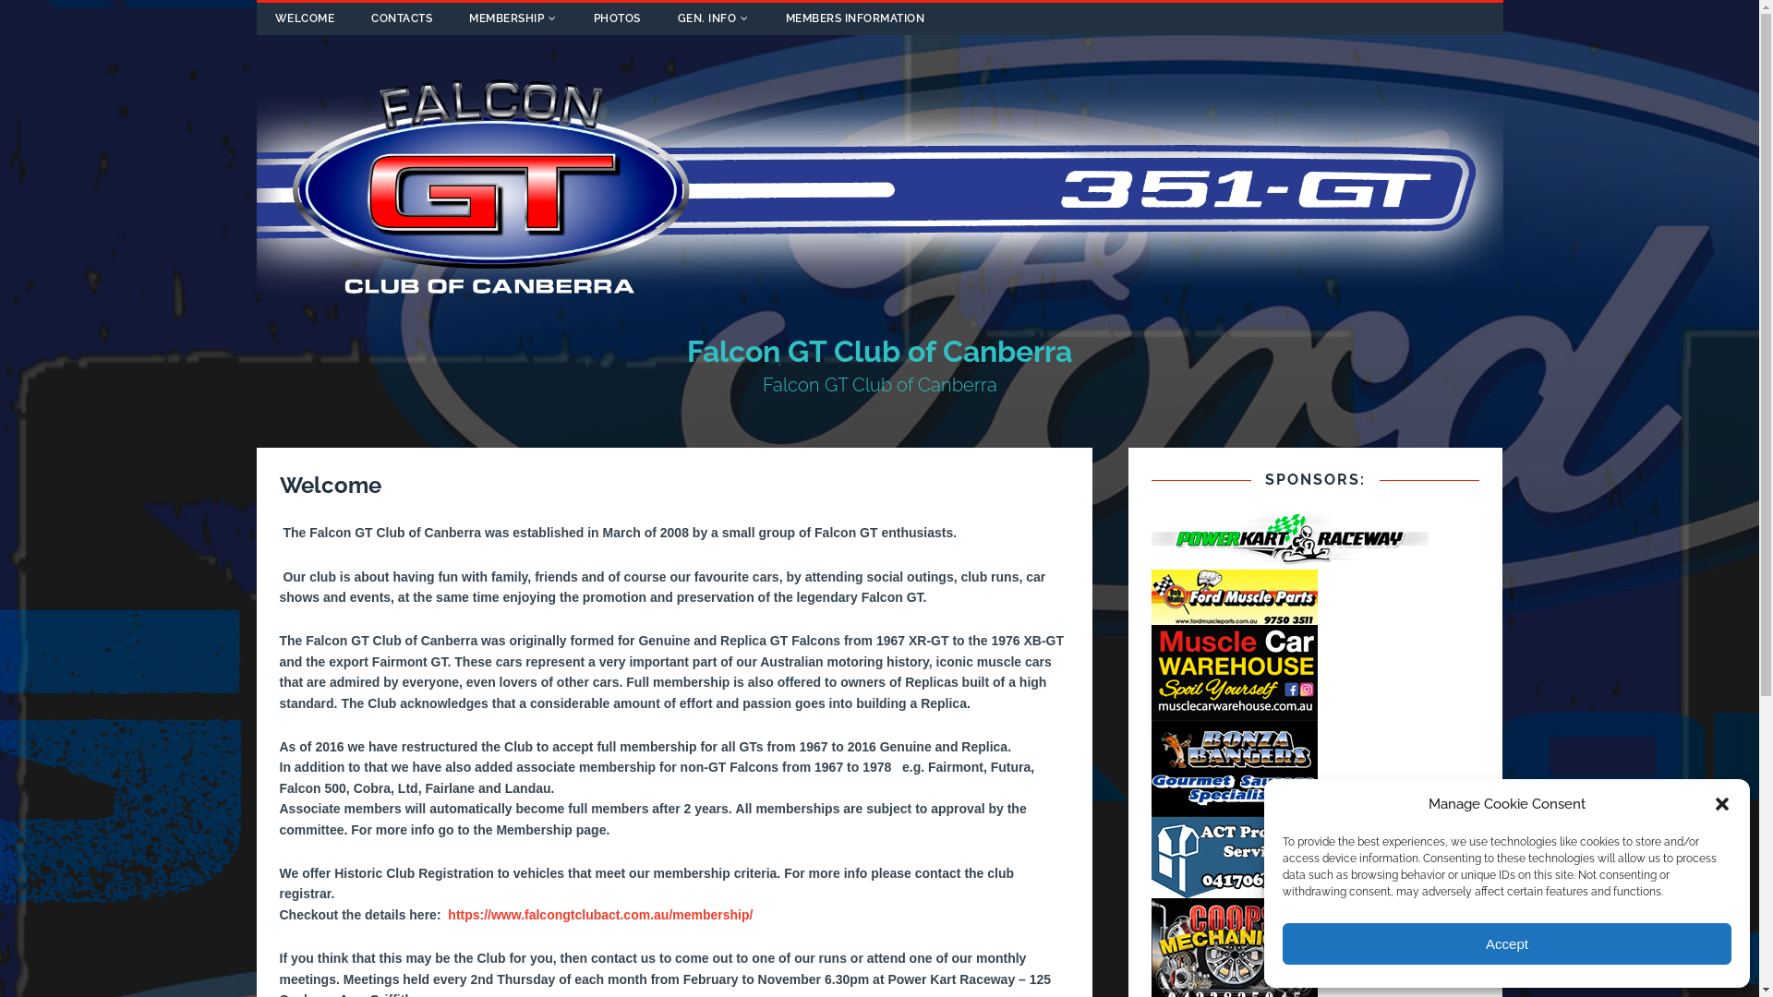 Image resolution: width=1773 pixels, height=997 pixels. What do you see at coordinates (573, 18) in the screenshot?
I see `'PHOTOS'` at bounding box center [573, 18].